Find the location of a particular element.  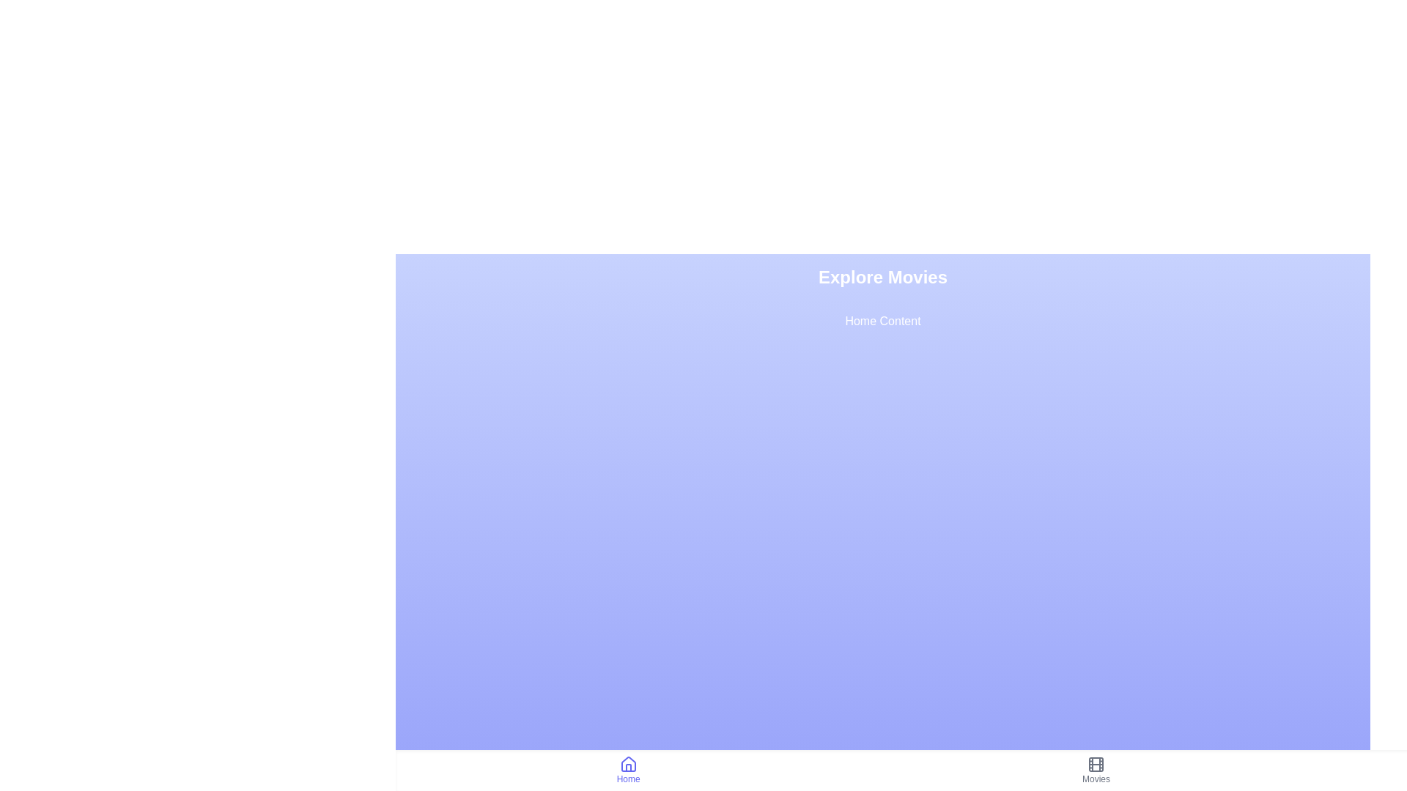

the 'Home' navigation button located in the bottom navigation bar is located at coordinates (628, 770).